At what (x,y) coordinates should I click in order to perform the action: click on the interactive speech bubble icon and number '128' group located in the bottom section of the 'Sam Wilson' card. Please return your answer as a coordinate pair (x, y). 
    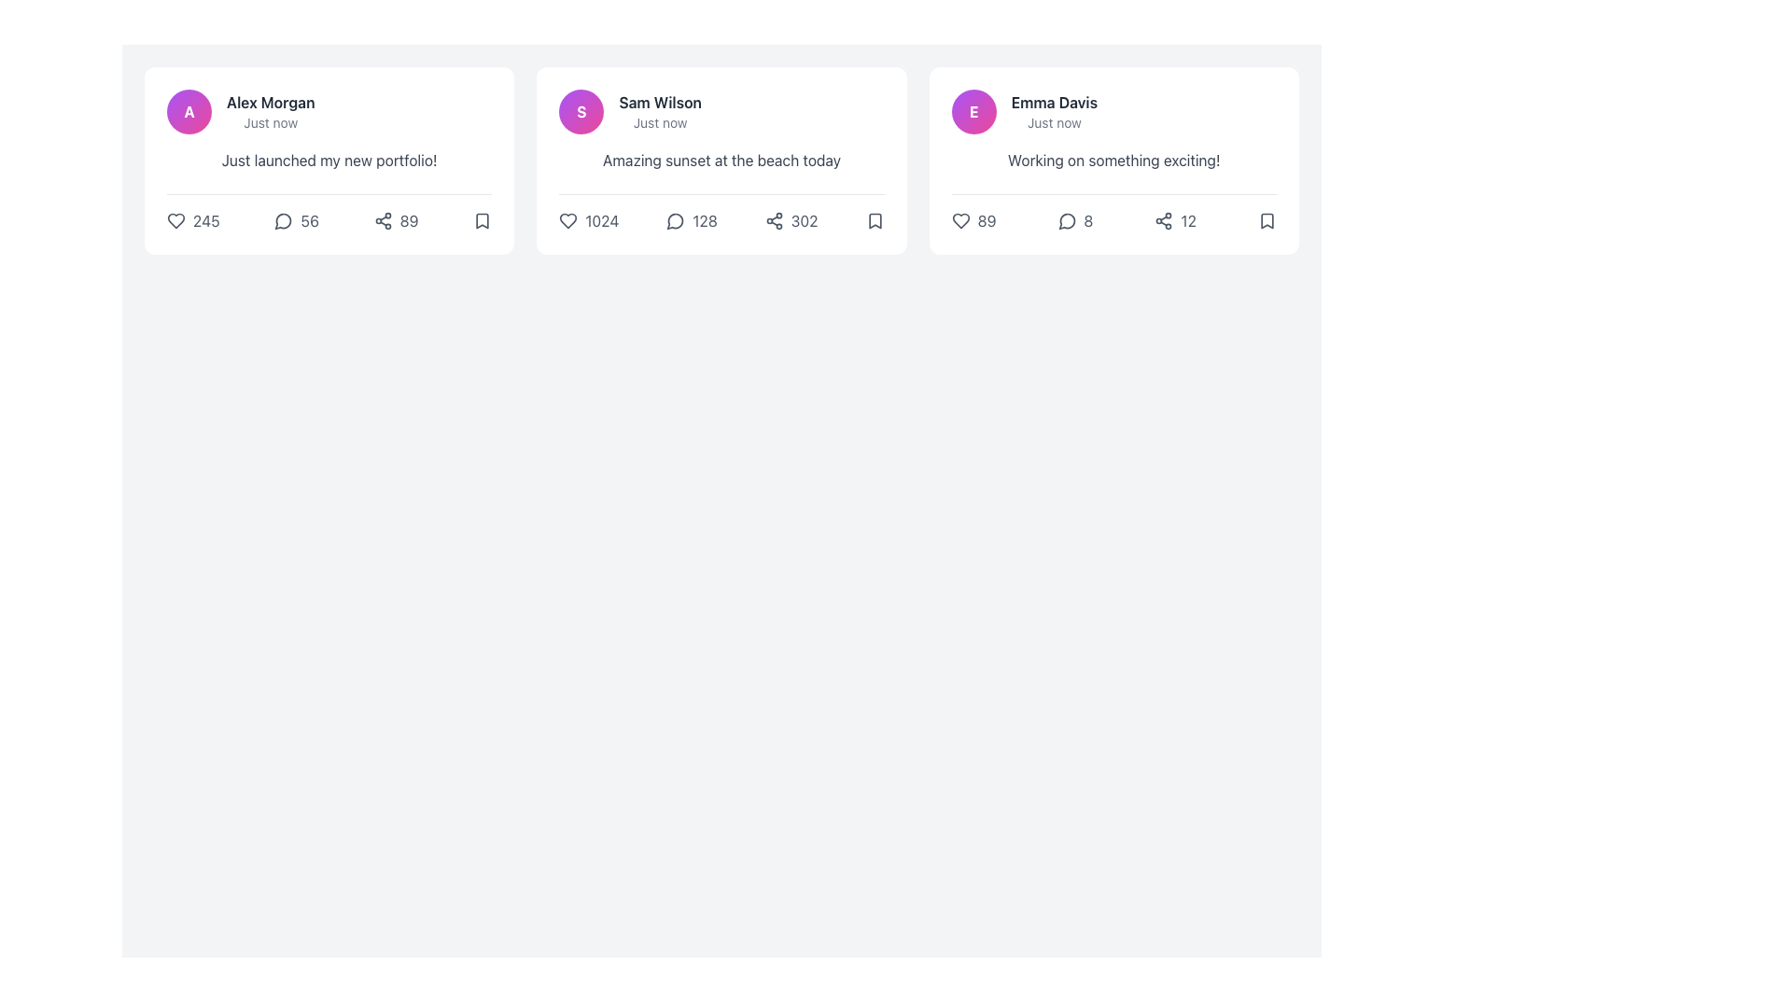
    Looking at the image, I should click on (691, 219).